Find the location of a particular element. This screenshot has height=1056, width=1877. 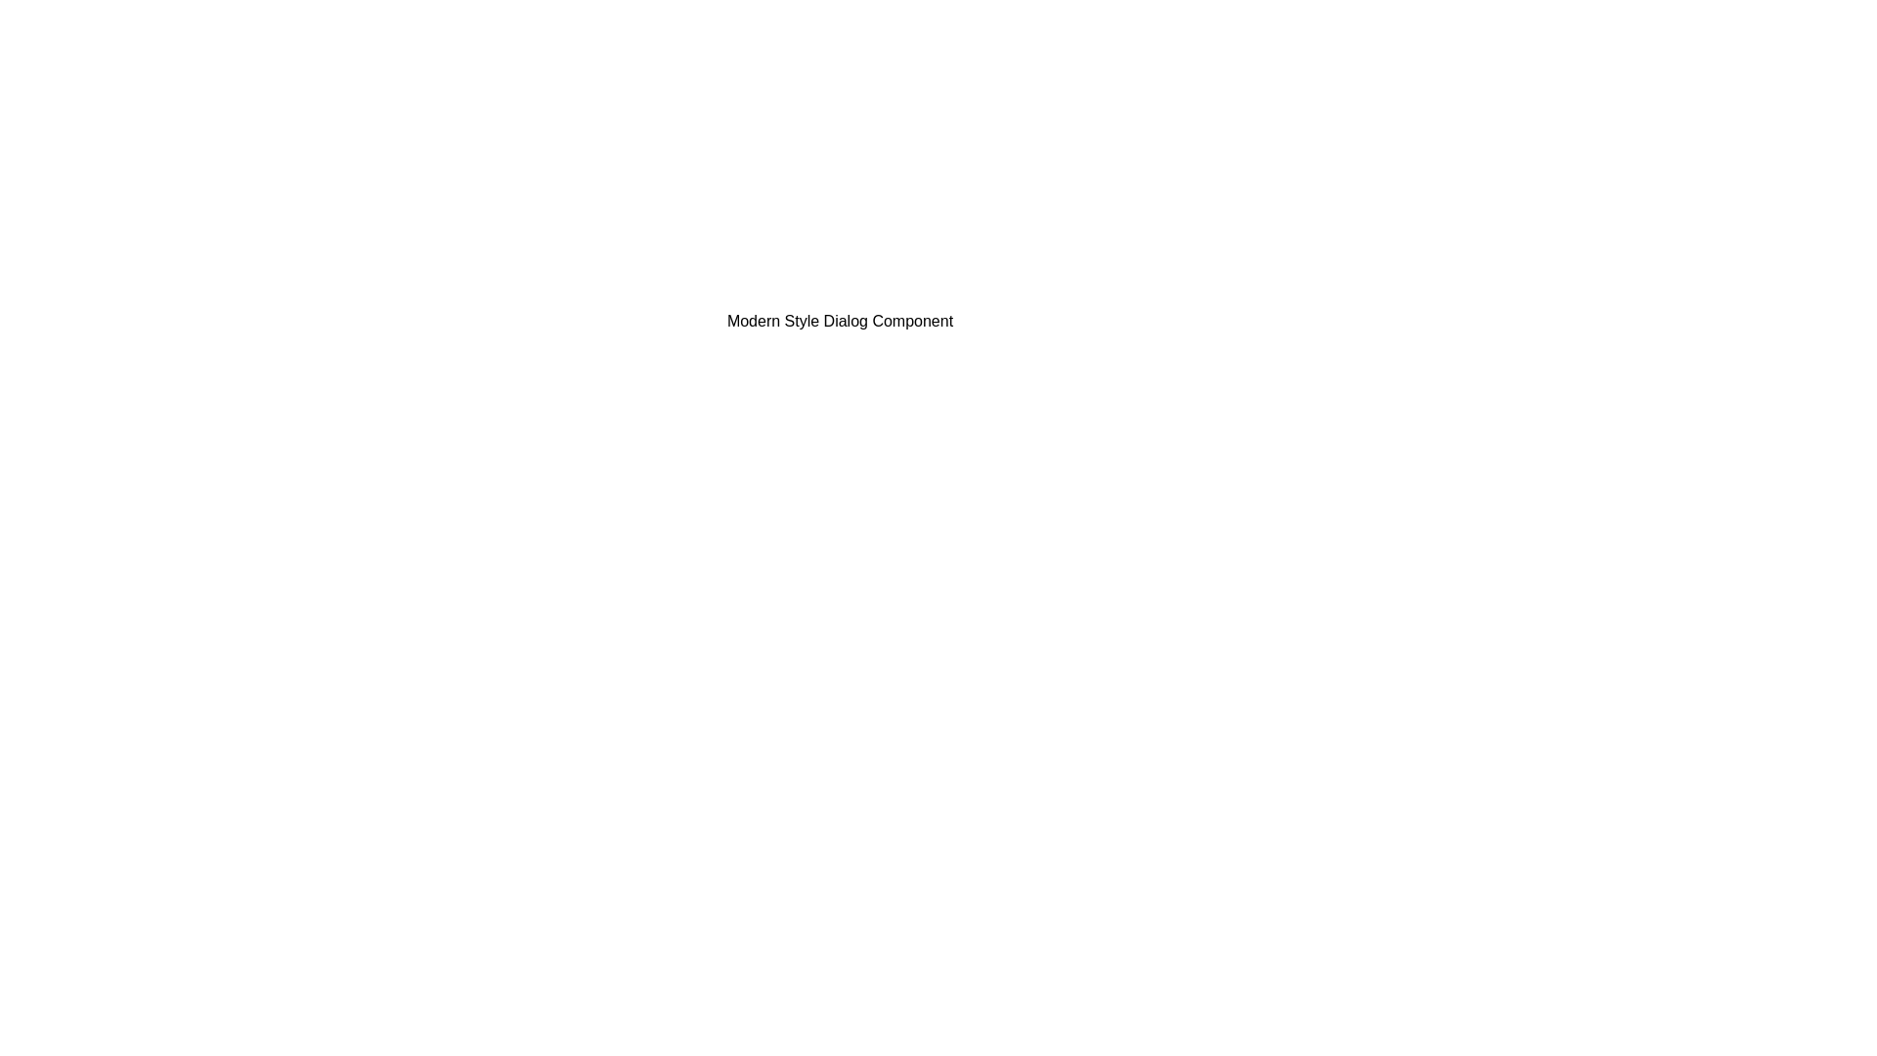

the word Component in the text 'Modern Style Dialog Component' is located at coordinates (684, 308).